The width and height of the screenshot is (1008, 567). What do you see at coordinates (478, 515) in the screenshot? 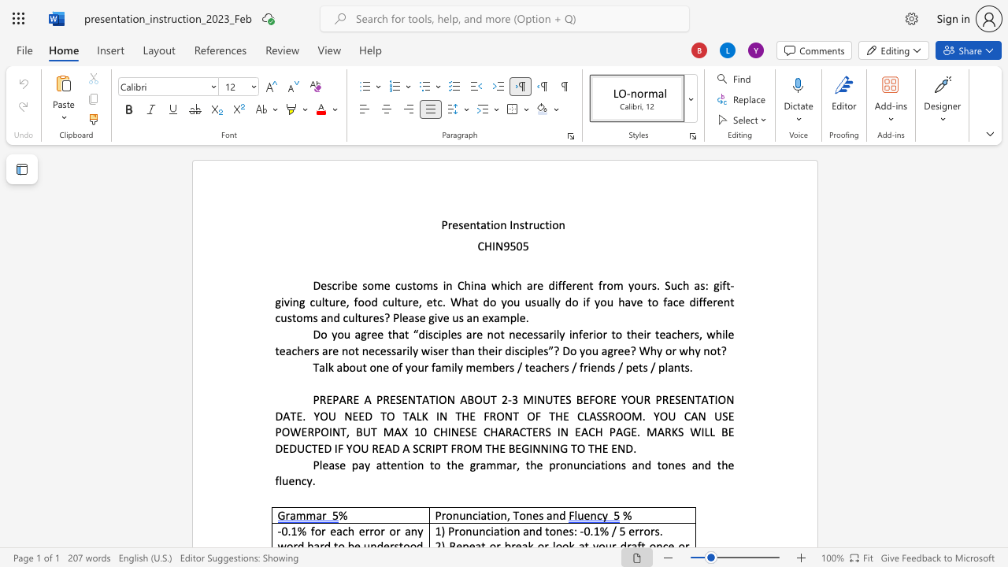
I see `the 1th character "i" in the text` at bounding box center [478, 515].